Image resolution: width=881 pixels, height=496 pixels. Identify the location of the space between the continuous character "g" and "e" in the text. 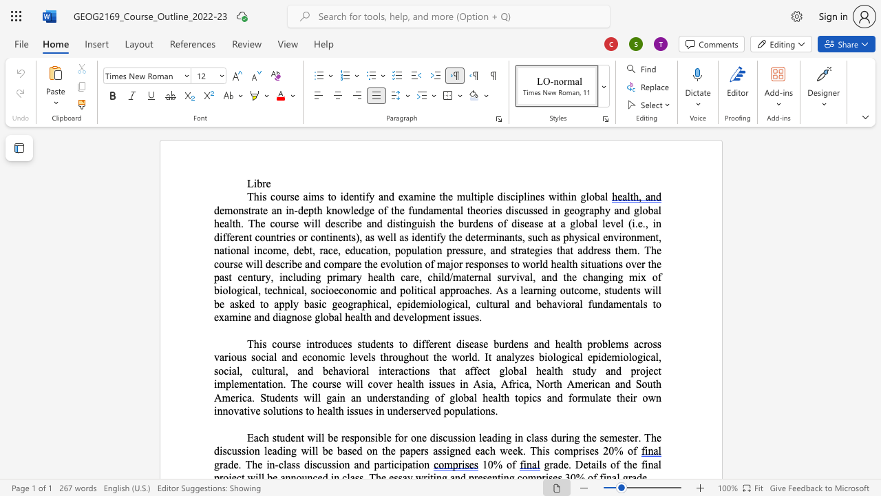
(337, 303).